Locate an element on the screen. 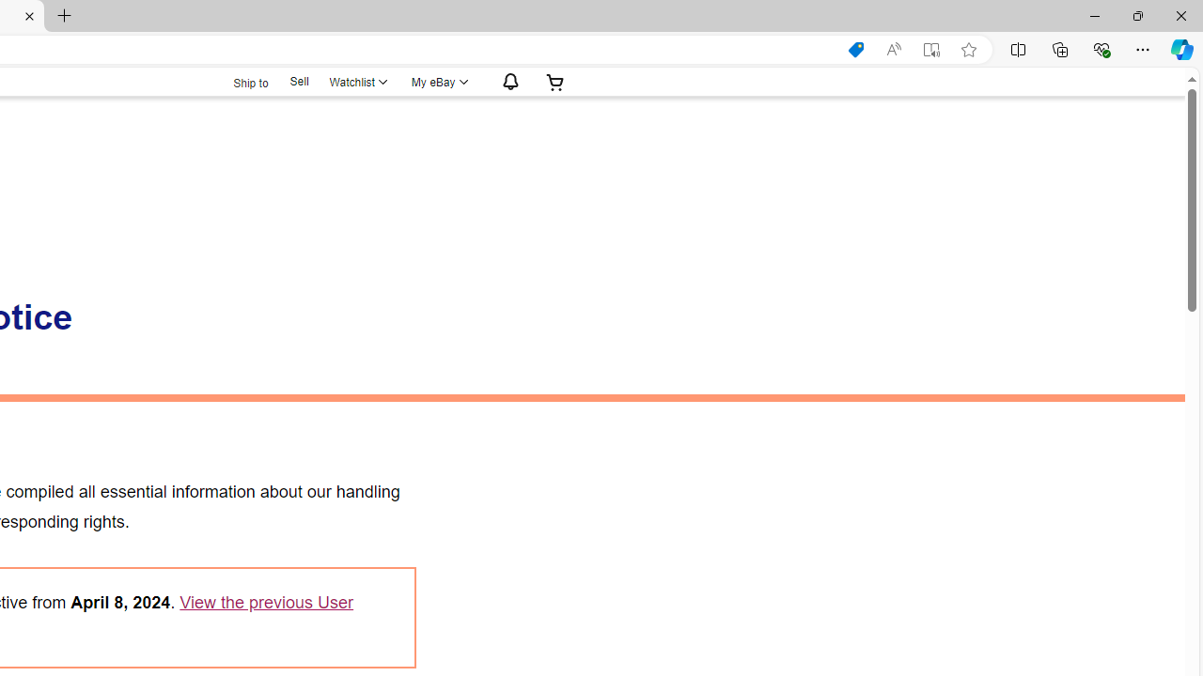 Image resolution: width=1203 pixels, height=676 pixels. 'Your shopping cart' is located at coordinates (555, 81).